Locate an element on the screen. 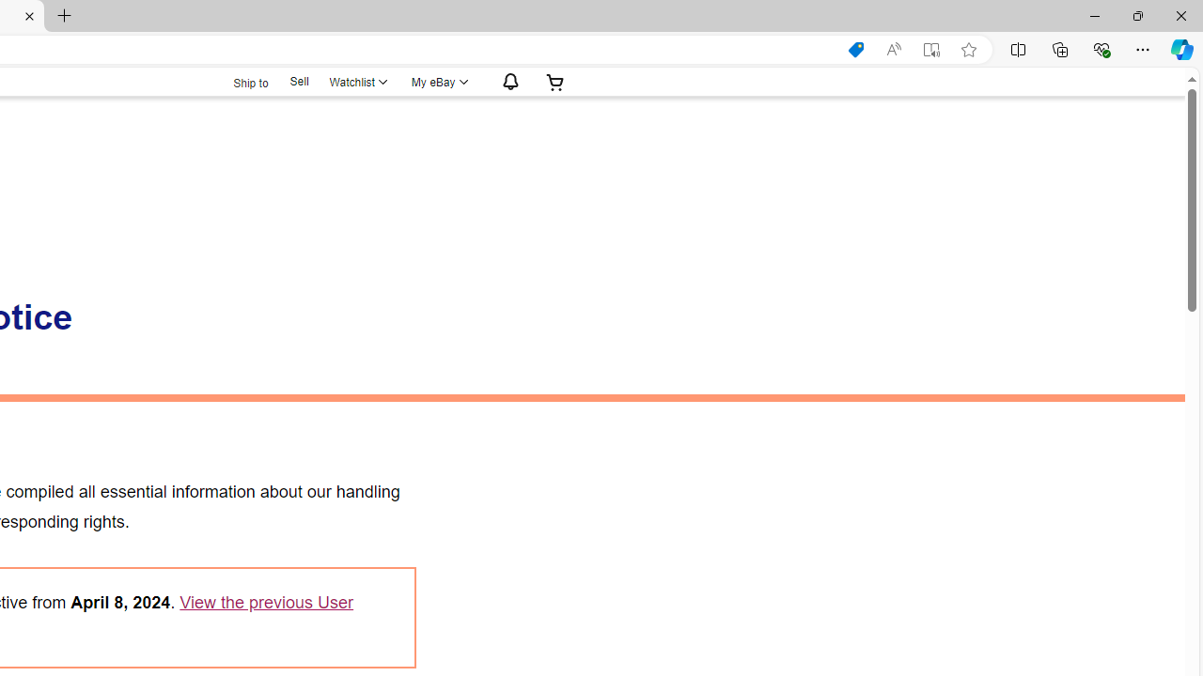 Image resolution: width=1203 pixels, height=676 pixels. 'Your shopping cart' is located at coordinates (555, 81).